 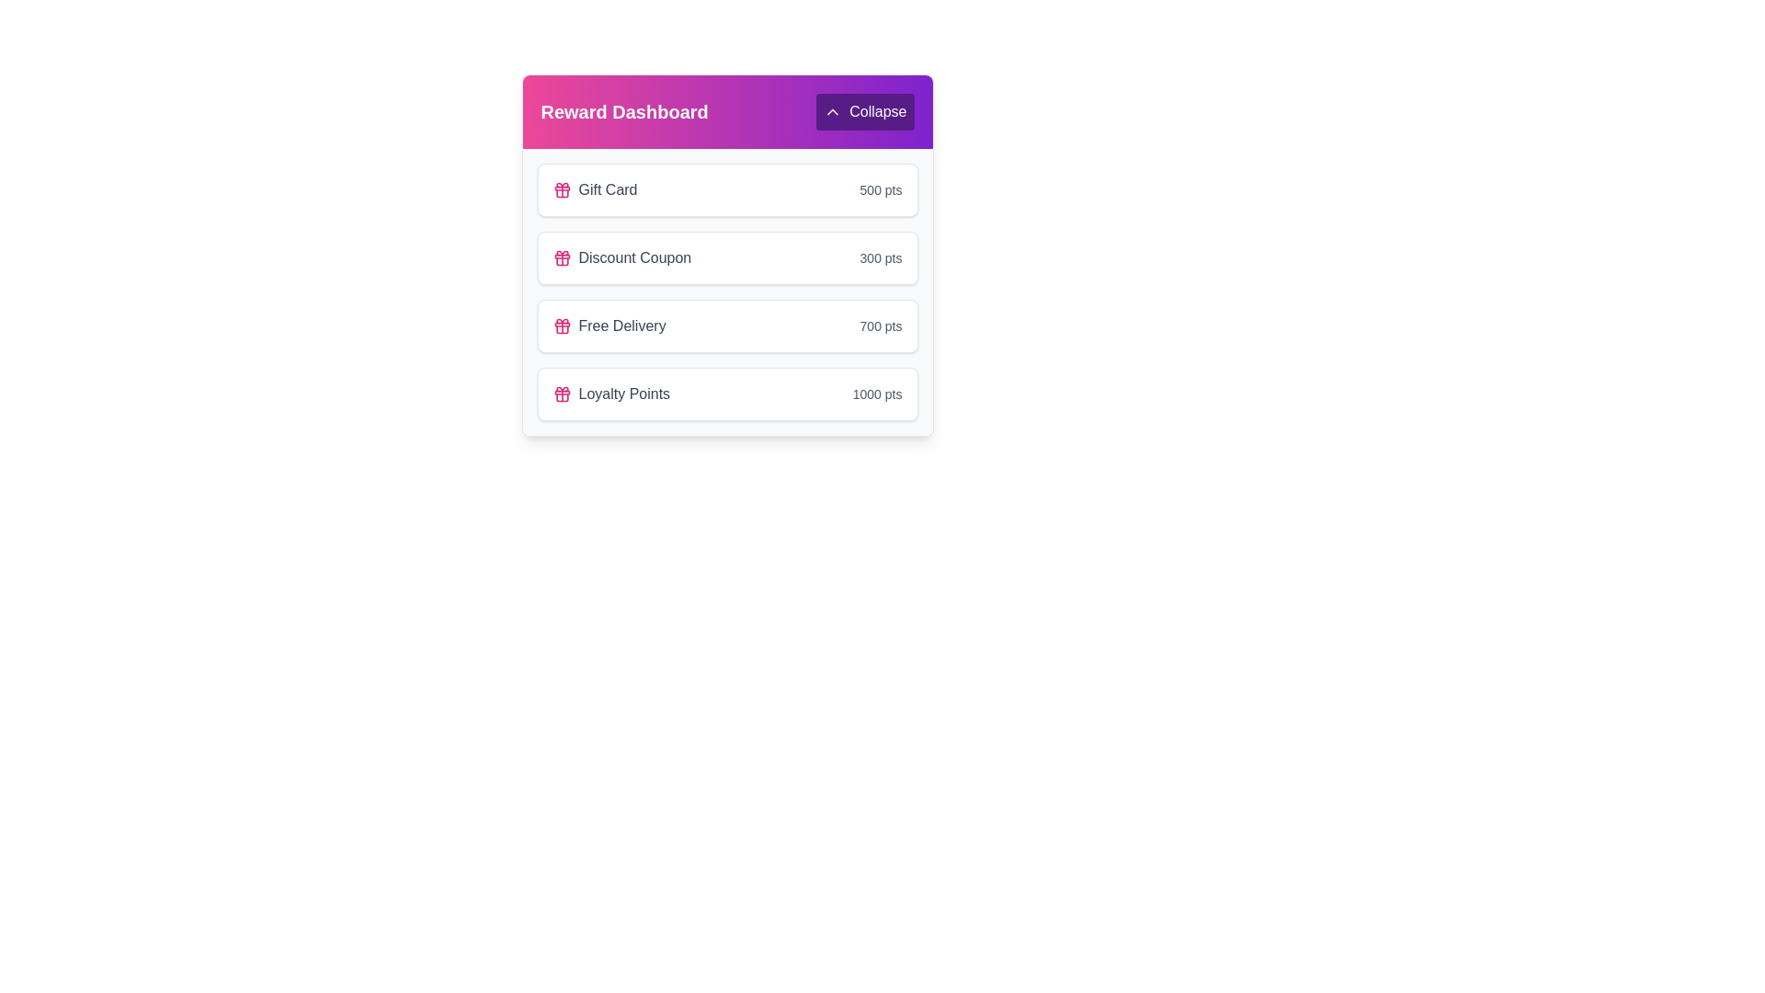 What do you see at coordinates (561, 190) in the screenshot?
I see `the pink gift icon with a bow, located to the left of the 'Gift Card' text in the 'Reward Dashboard' section` at bounding box center [561, 190].